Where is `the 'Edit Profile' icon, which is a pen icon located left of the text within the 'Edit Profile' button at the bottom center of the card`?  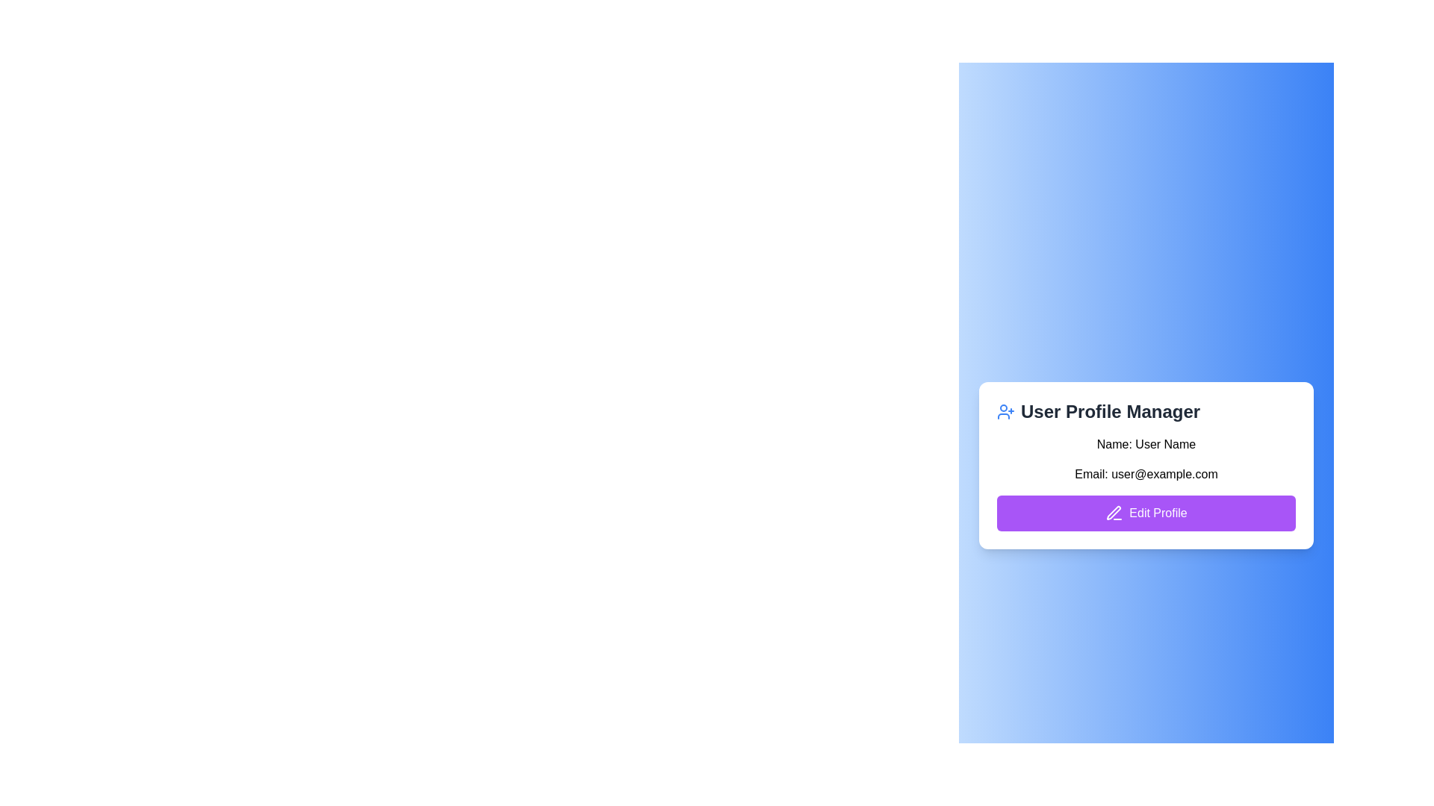
the 'Edit Profile' icon, which is a pen icon located left of the text within the 'Edit Profile' button at the bottom center of the card is located at coordinates (1114, 512).